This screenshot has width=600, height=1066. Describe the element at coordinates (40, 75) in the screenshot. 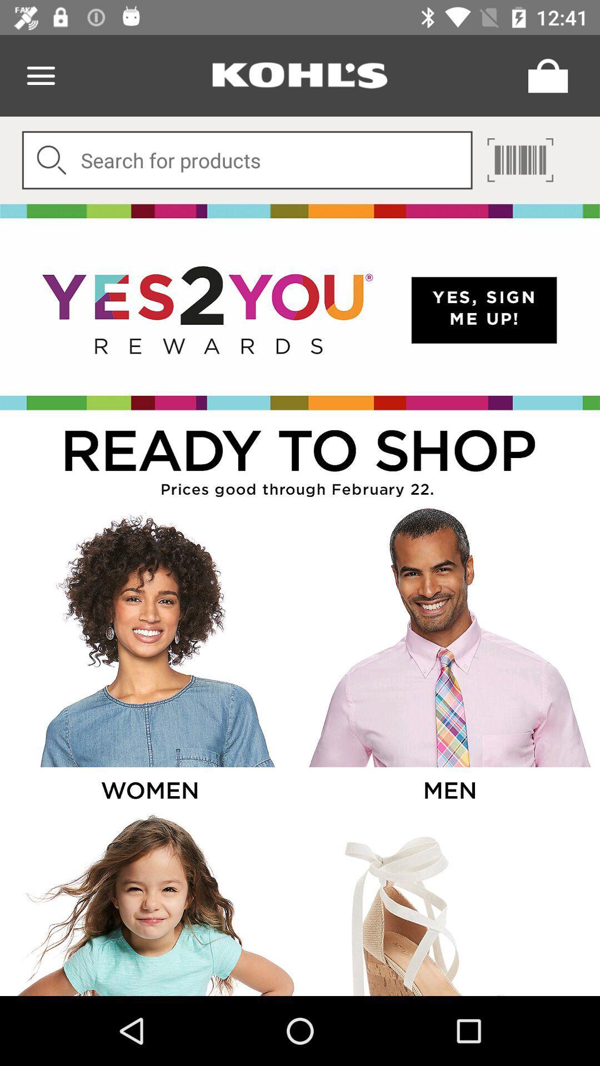

I see `menu icon` at that location.